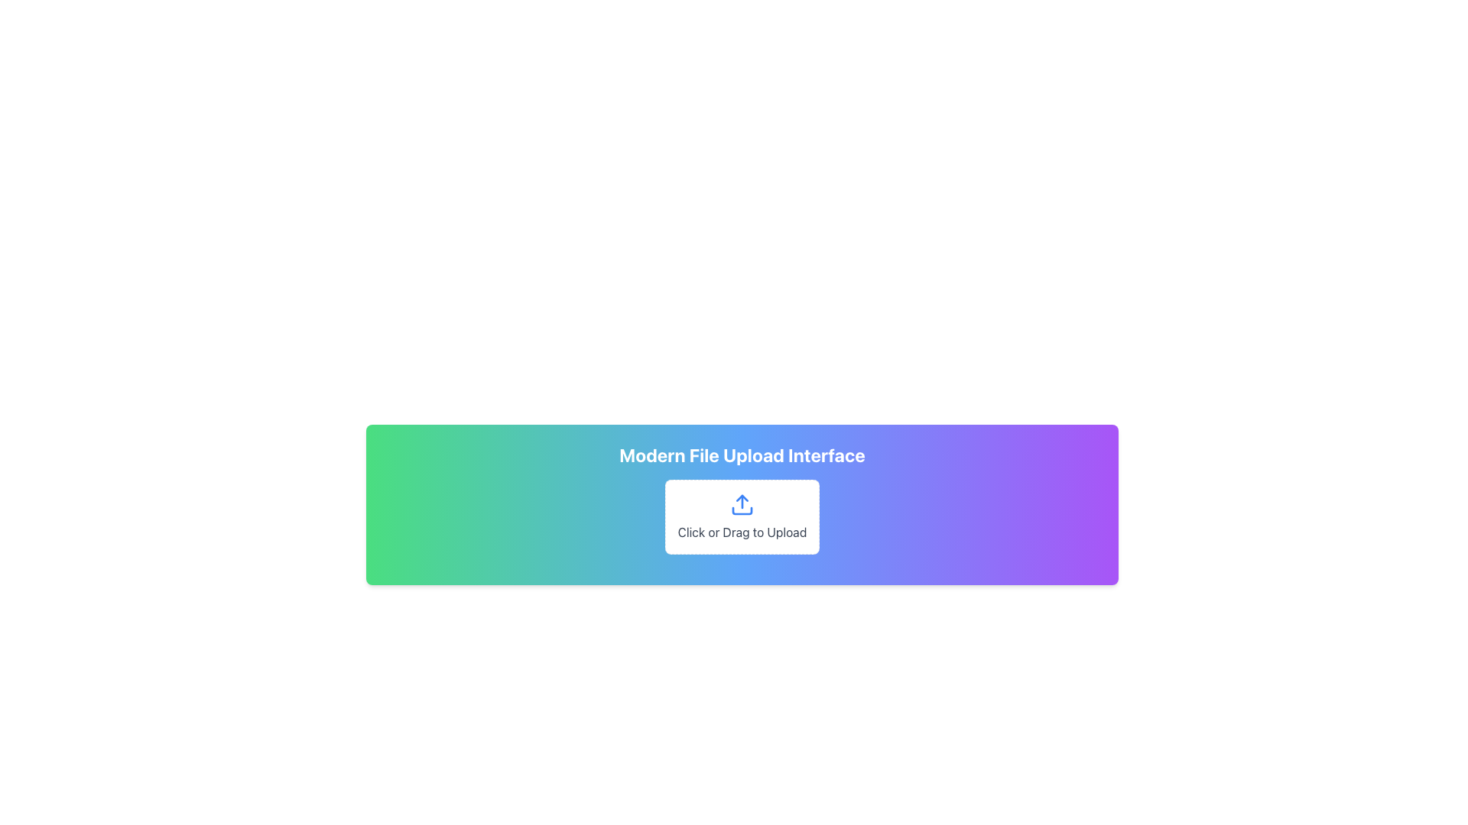 The height and width of the screenshot is (825, 1468). What do you see at coordinates (742, 532) in the screenshot?
I see `instructions displayed on the text label that reads 'Click or Drag to Upload', which is centrally located beneath the upload icon` at bounding box center [742, 532].